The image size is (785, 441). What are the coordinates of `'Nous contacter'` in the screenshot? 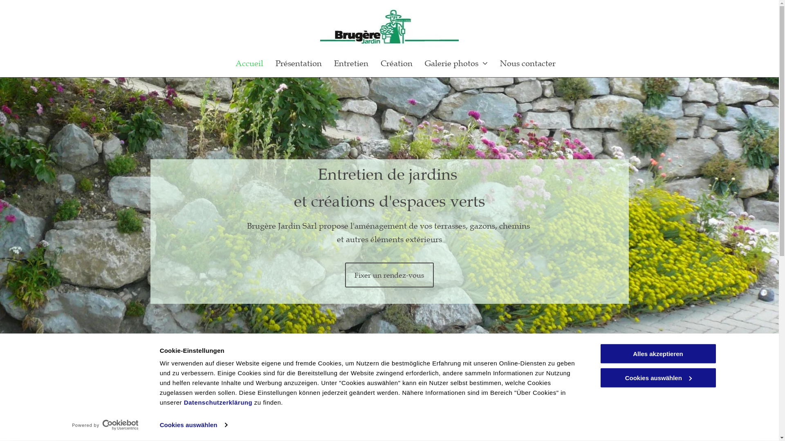 It's located at (528, 62).